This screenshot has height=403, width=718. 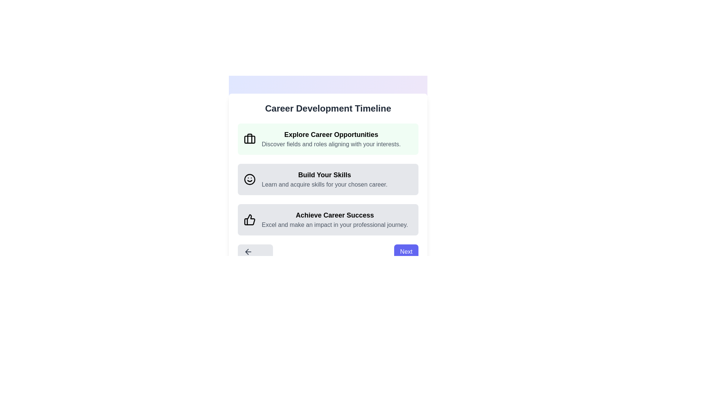 I want to click on the navigation button to move to the Next step, so click(x=406, y=256).